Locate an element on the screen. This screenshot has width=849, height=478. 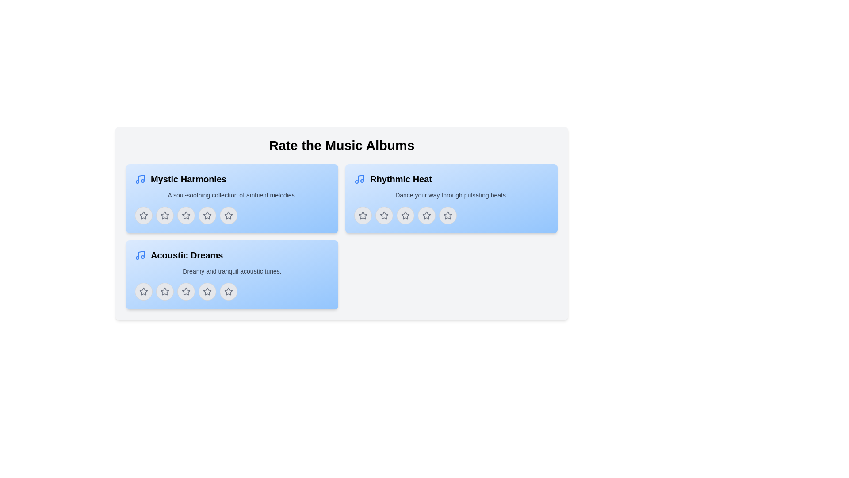
the third star rating button for the 'Mystic Harmonies' album is located at coordinates (186, 215).